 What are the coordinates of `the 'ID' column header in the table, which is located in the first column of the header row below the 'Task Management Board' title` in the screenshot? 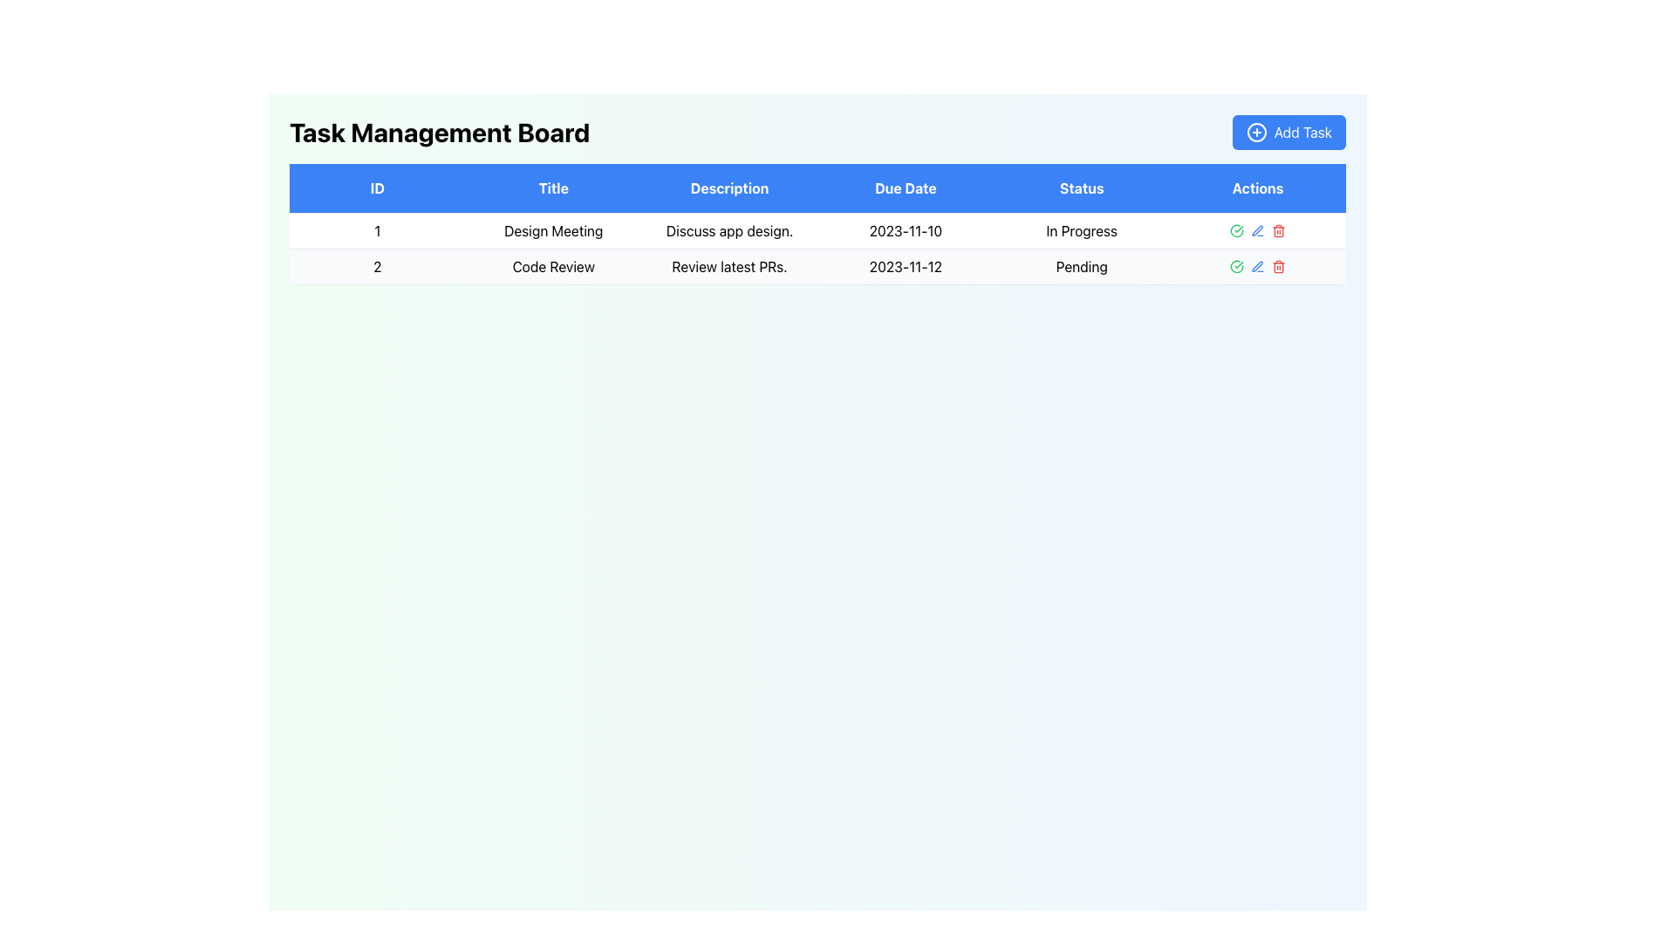 It's located at (376, 188).